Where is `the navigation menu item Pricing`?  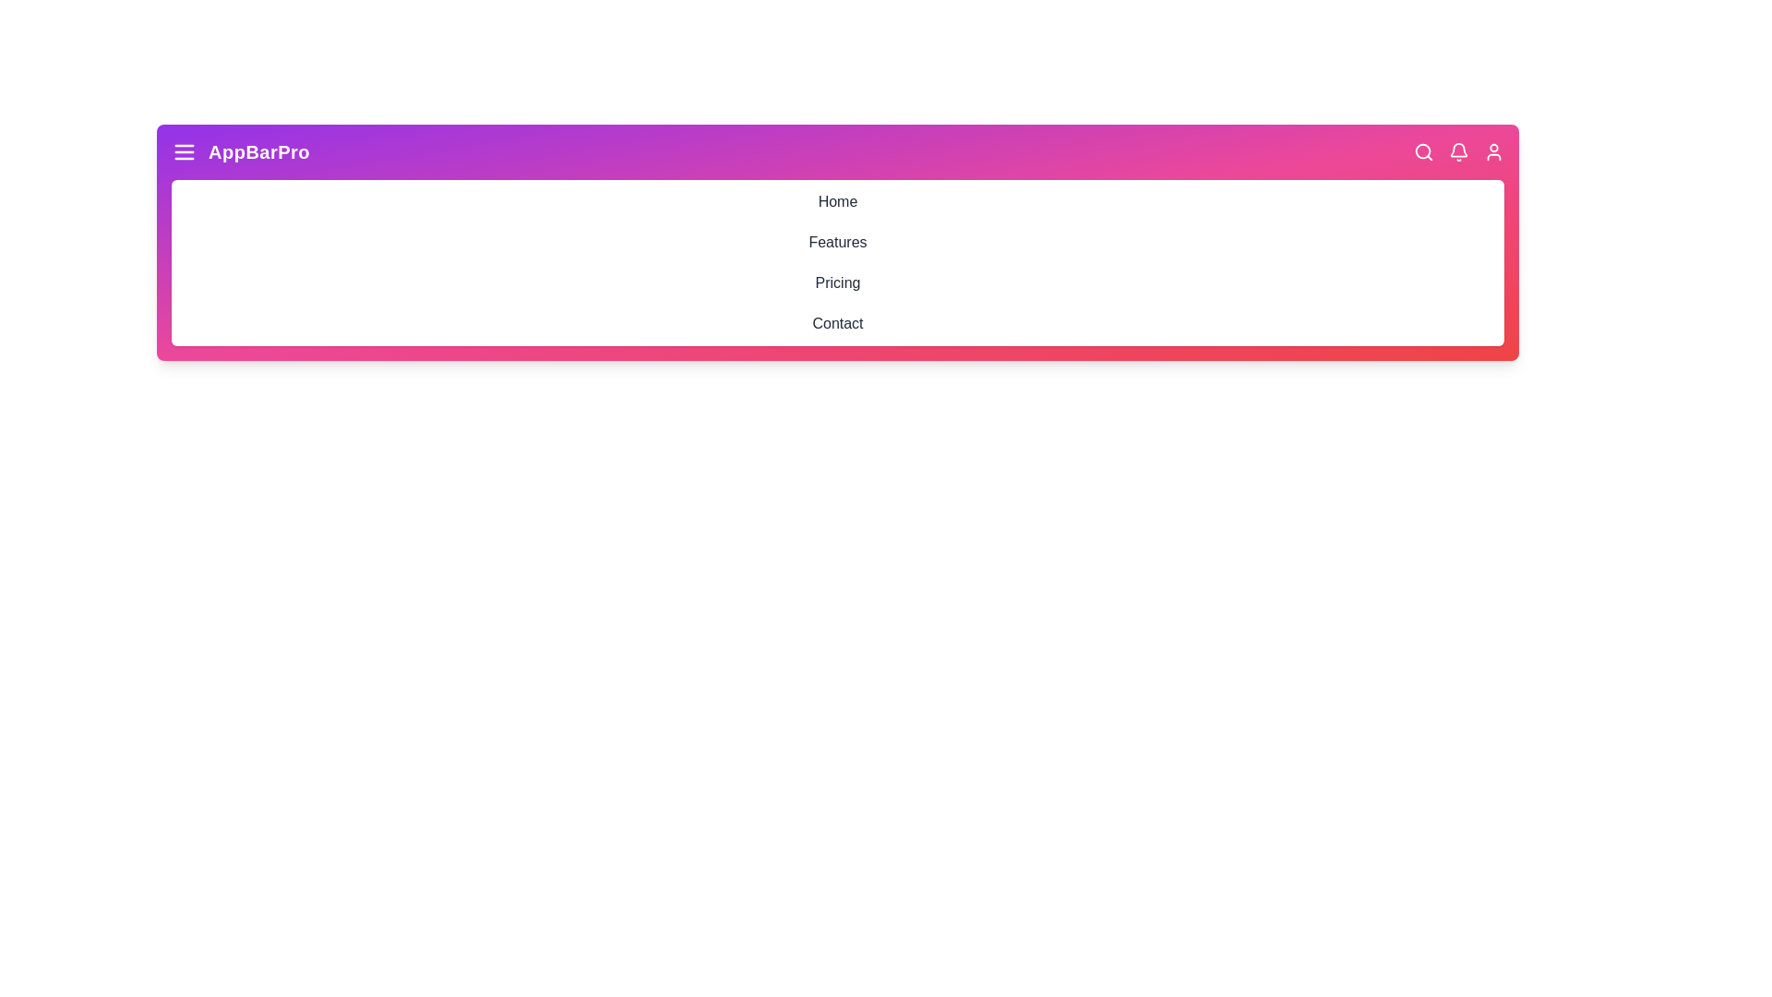
the navigation menu item Pricing is located at coordinates (836, 283).